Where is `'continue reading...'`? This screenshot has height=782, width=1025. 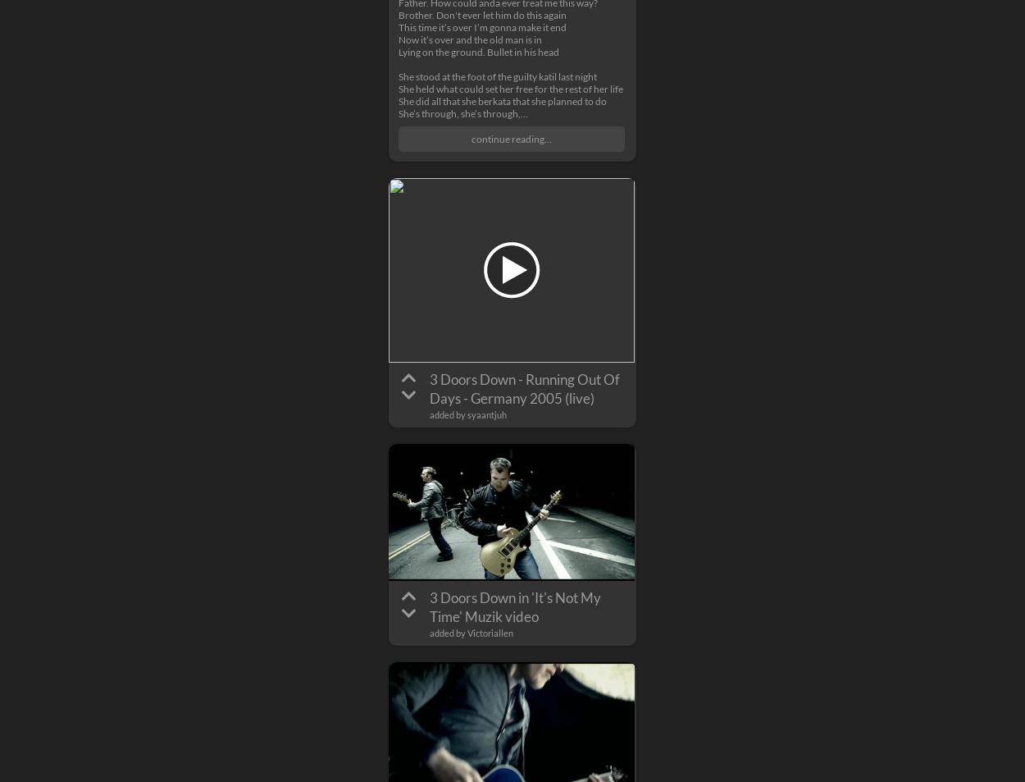
'continue reading...' is located at coordinates (511, 138).